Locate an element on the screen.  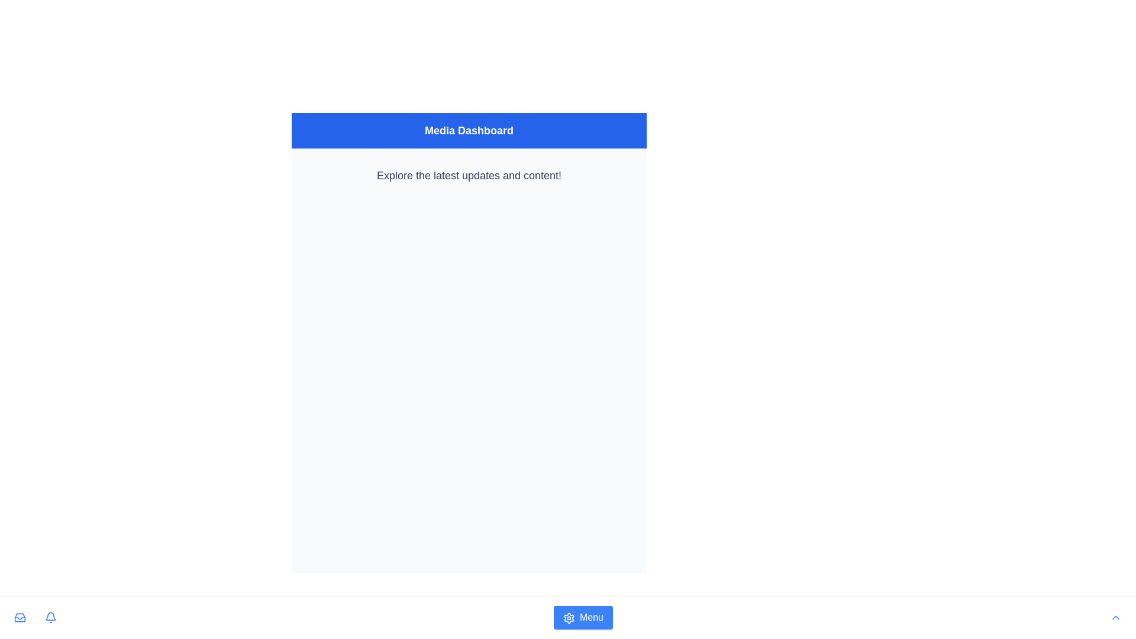
the text label displaying 'Explore the latest updates and content!' which is prominently located below the 'Media Dashboard' header in the upper-middle portion of the dashboard interface is located at coordinates (468, 176).